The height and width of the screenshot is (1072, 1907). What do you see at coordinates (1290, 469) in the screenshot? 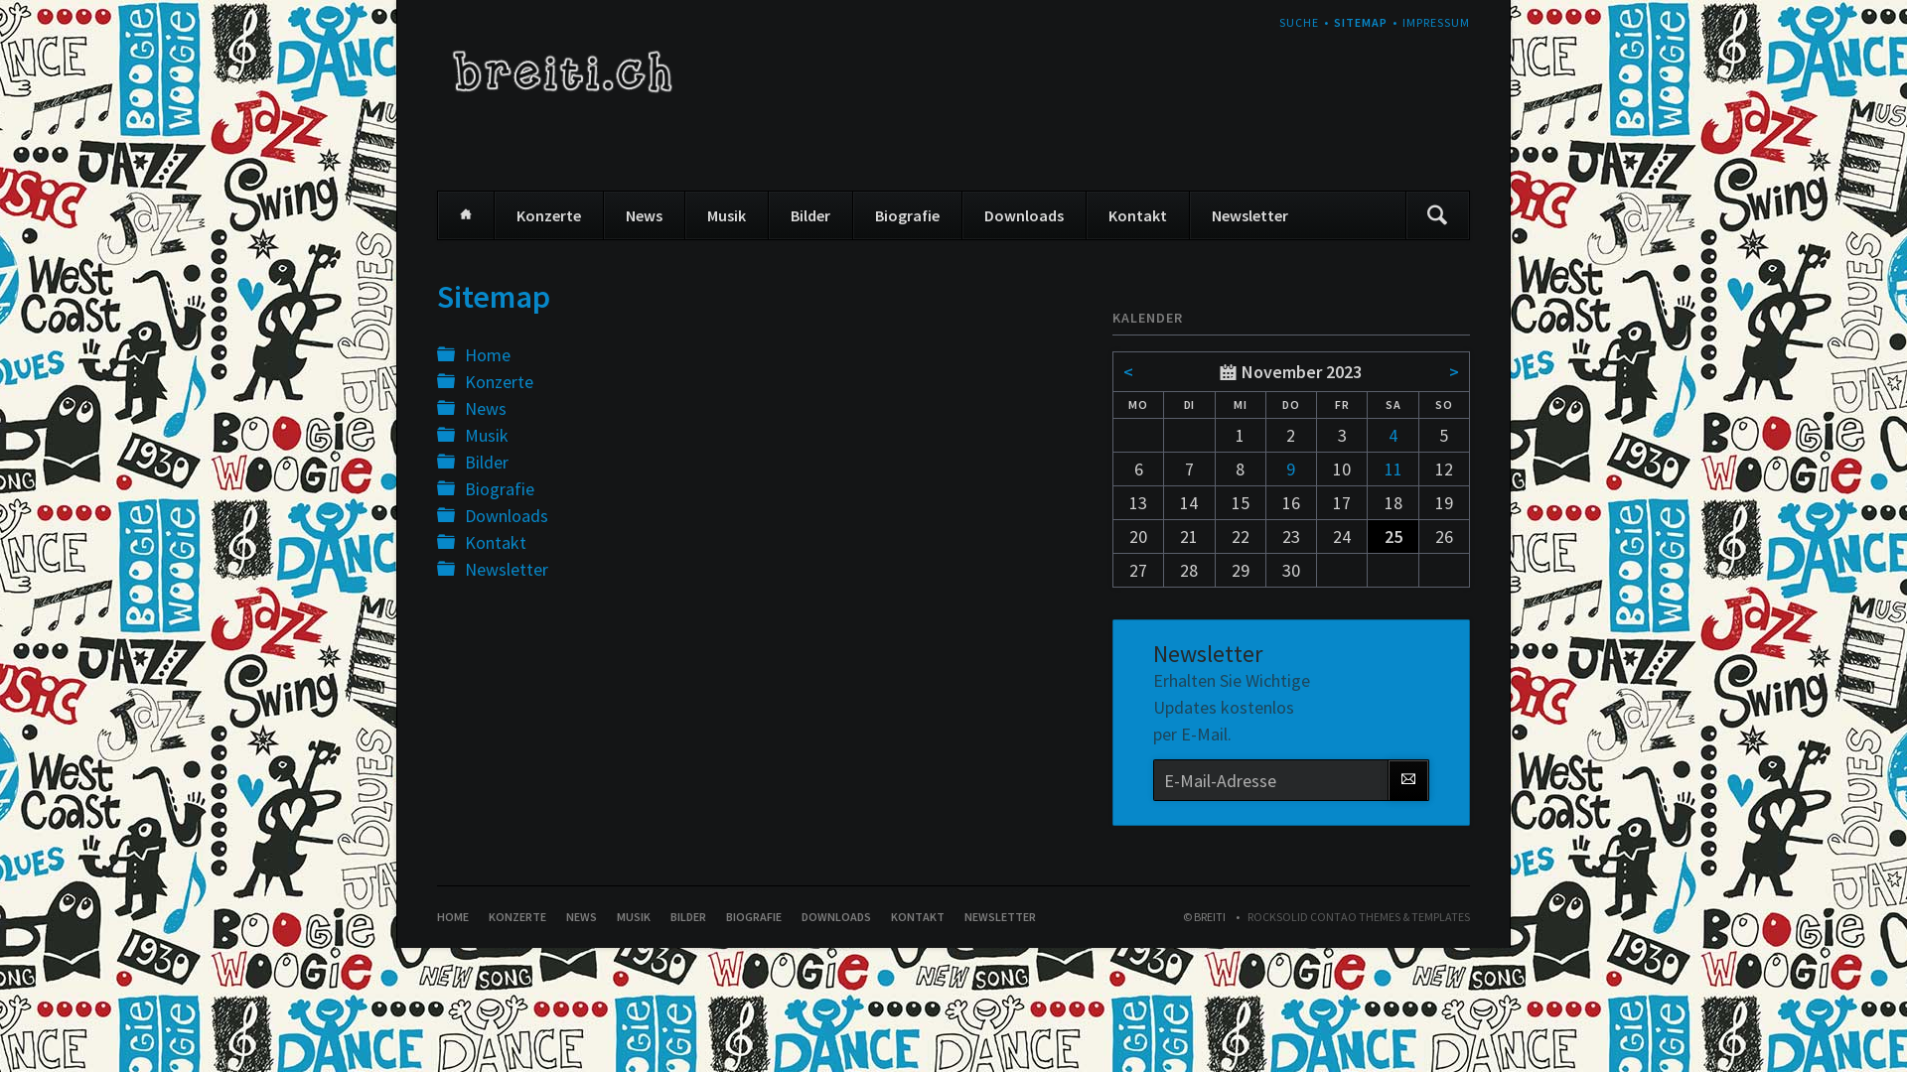
I see `'9'` at bounding box center [1290, 469].